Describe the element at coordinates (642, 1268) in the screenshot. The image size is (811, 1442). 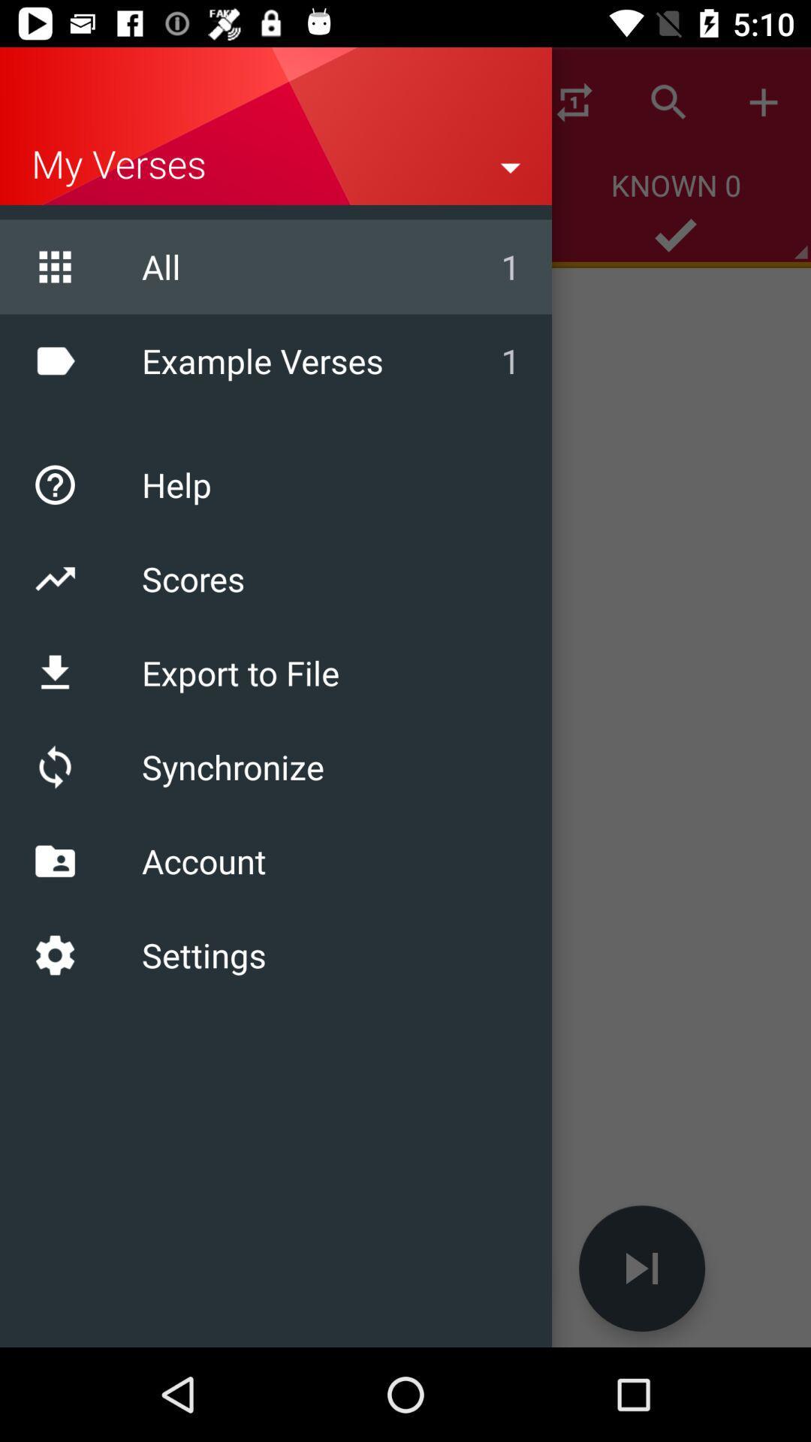
I see `the skip_next icon` at that location.